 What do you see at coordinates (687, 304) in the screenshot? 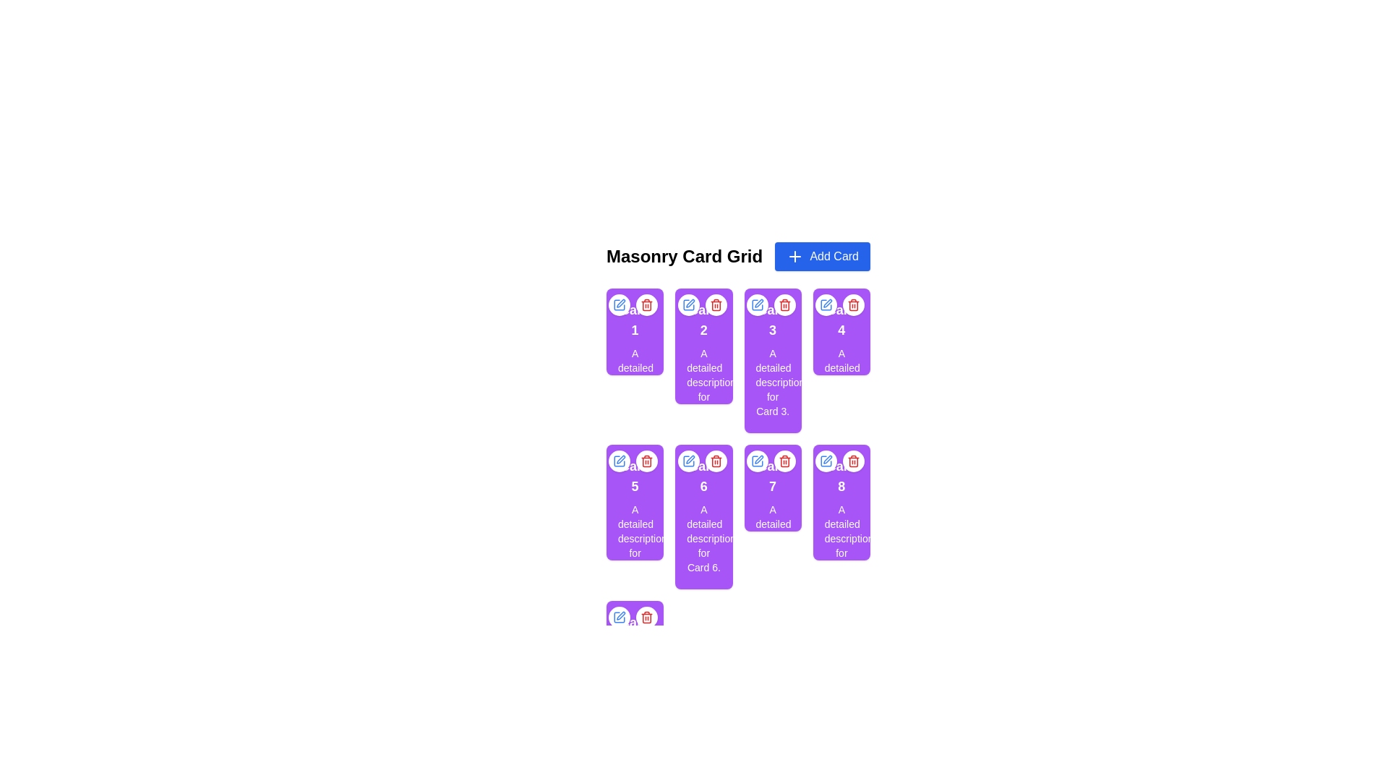
I see `the pen icon button located at the top-left of the card labeled '2' to initiate editing` at bounding box center [687, 304].